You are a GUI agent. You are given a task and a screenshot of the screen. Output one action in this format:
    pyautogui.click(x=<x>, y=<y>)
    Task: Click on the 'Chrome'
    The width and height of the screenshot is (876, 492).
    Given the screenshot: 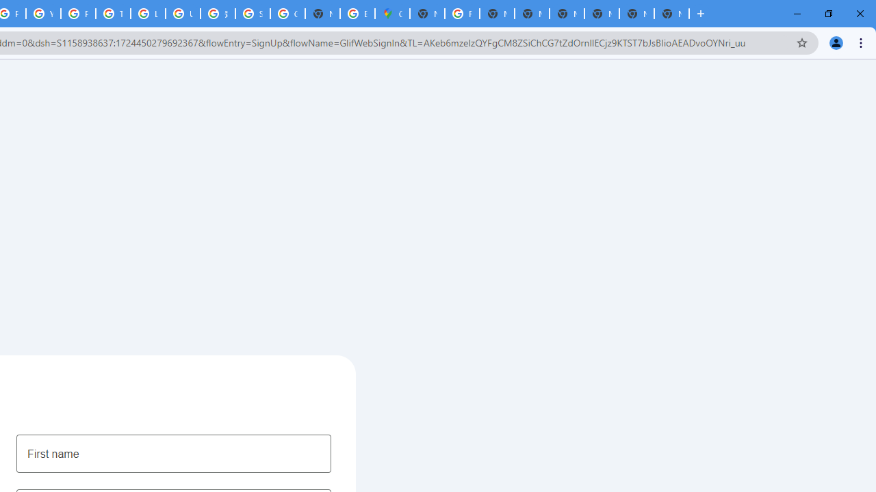 What is the action you would take?
    pyautogui.click(x=862, y=42)
    